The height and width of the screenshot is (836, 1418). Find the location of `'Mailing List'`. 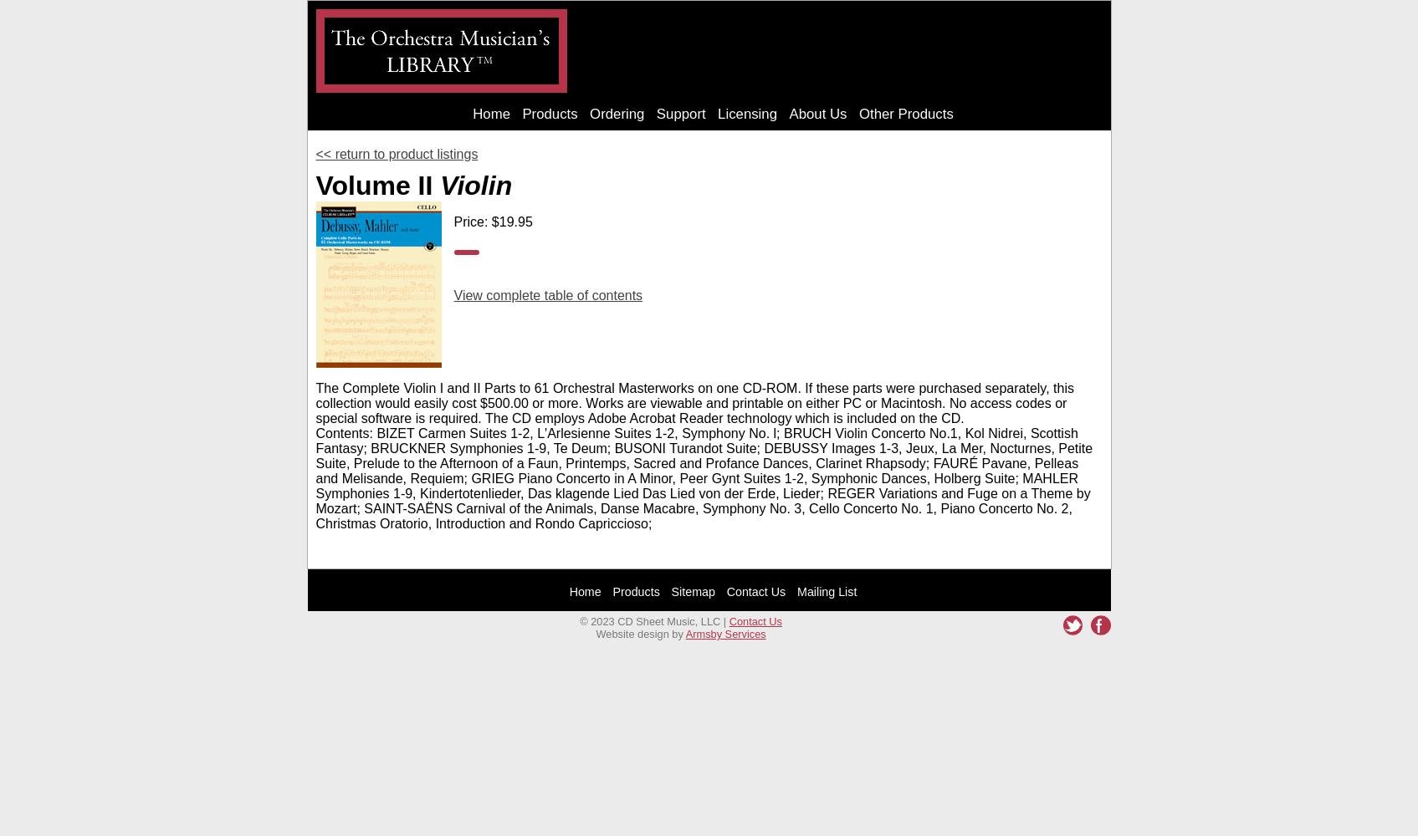

'Mailing List' is located at coordinates (826, 590).